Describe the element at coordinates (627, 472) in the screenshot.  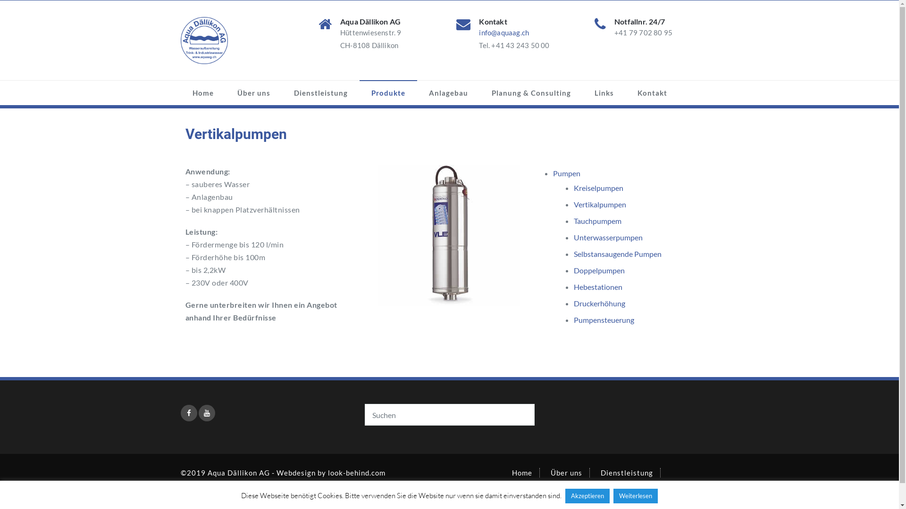
I see `'Dienstleistung'` at that location.